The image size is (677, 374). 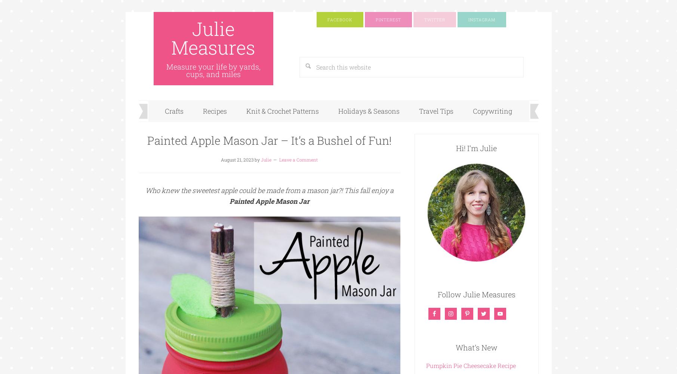 What do you see at coordinates (213, 38) in the screenshot?
I see `'Julie Measures'` at bounding box center [213, 38].